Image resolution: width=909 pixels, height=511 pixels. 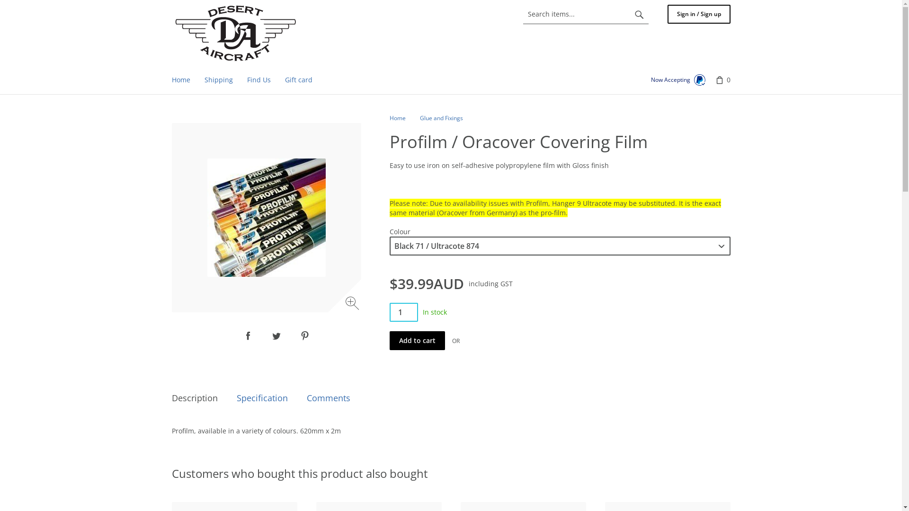 What do you see at coordinates (440, 117) in the screenshot?
I see `'Glue and Fixings'` at bounding box center [440, 117].